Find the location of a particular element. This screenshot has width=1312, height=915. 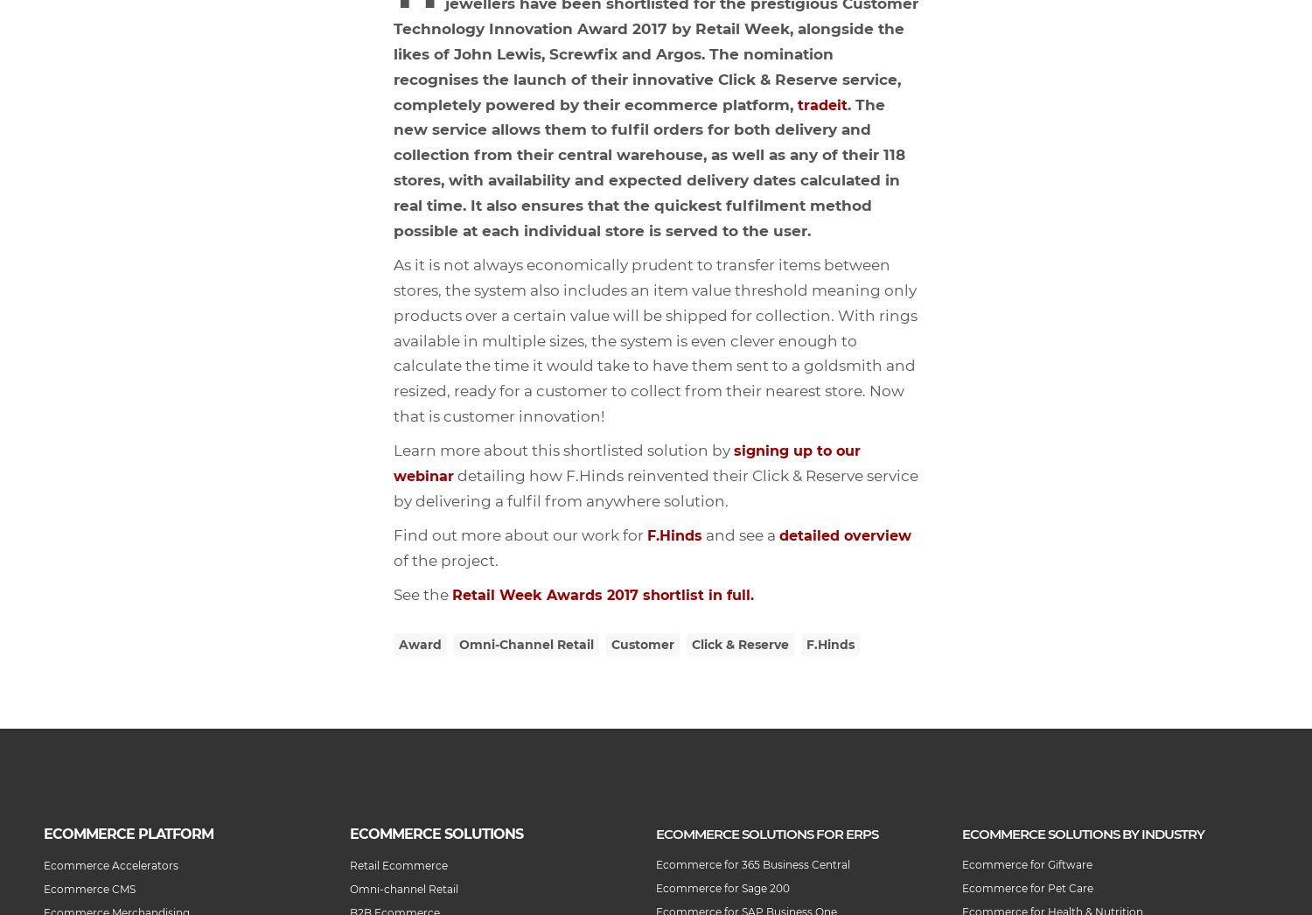

'Three great ways Something Different Wholesale increase AOV and revenue from their existing customer base' is located at coordinates (159, 366).